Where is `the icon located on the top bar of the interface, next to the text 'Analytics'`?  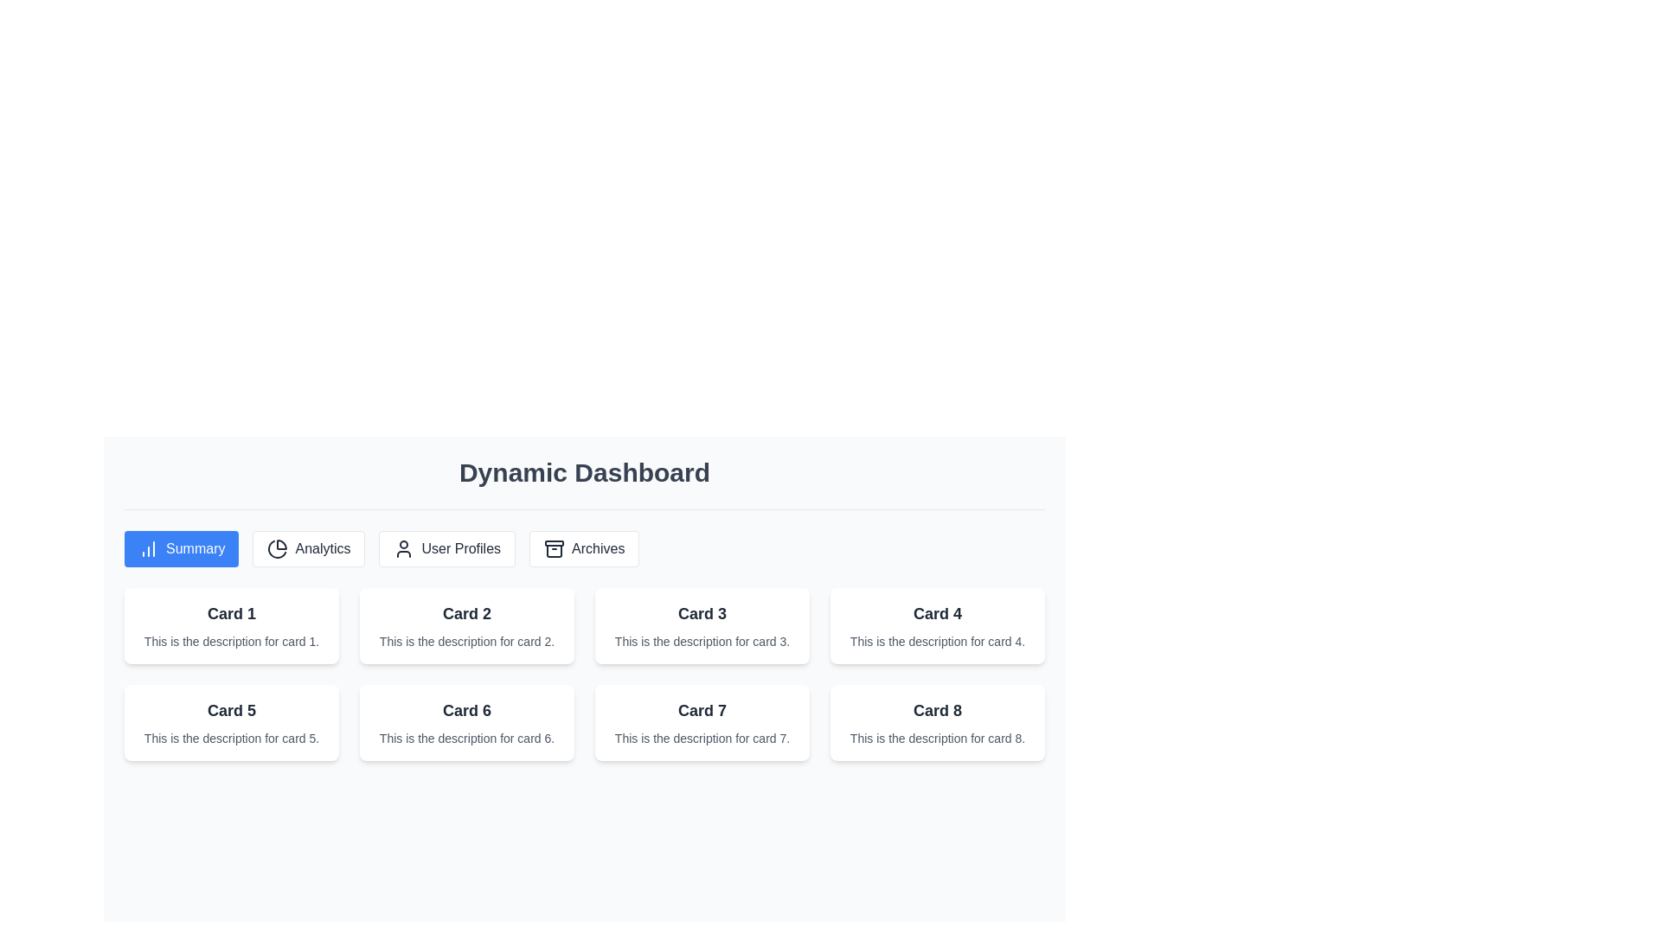 the icon located on the top bar of the interface, next to the text 'Analytics' is located at coordinates (278, 549).